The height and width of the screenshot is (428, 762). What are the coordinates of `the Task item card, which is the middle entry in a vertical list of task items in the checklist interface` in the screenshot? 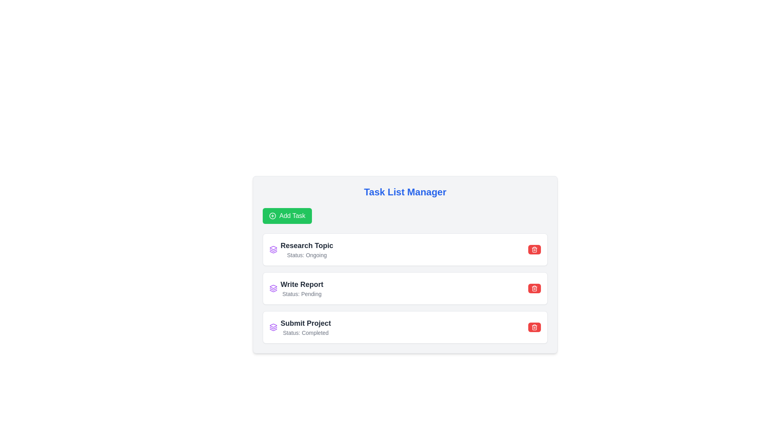 It's located at (405, 289).